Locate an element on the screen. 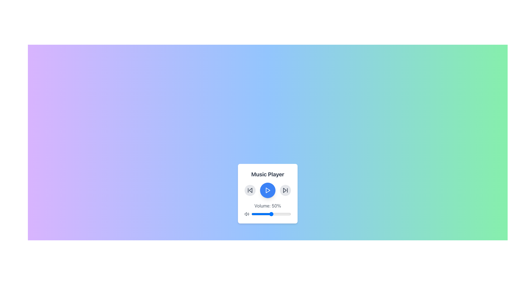  the slider is located at coordinates (279, 214).